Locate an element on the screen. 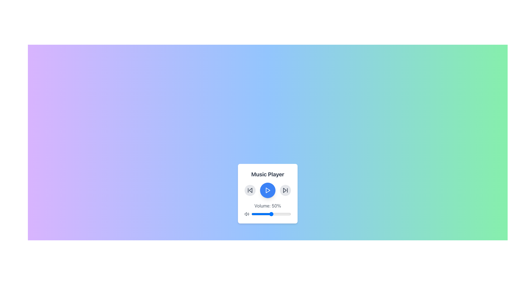  the slider is located at coordinates (279, 214).